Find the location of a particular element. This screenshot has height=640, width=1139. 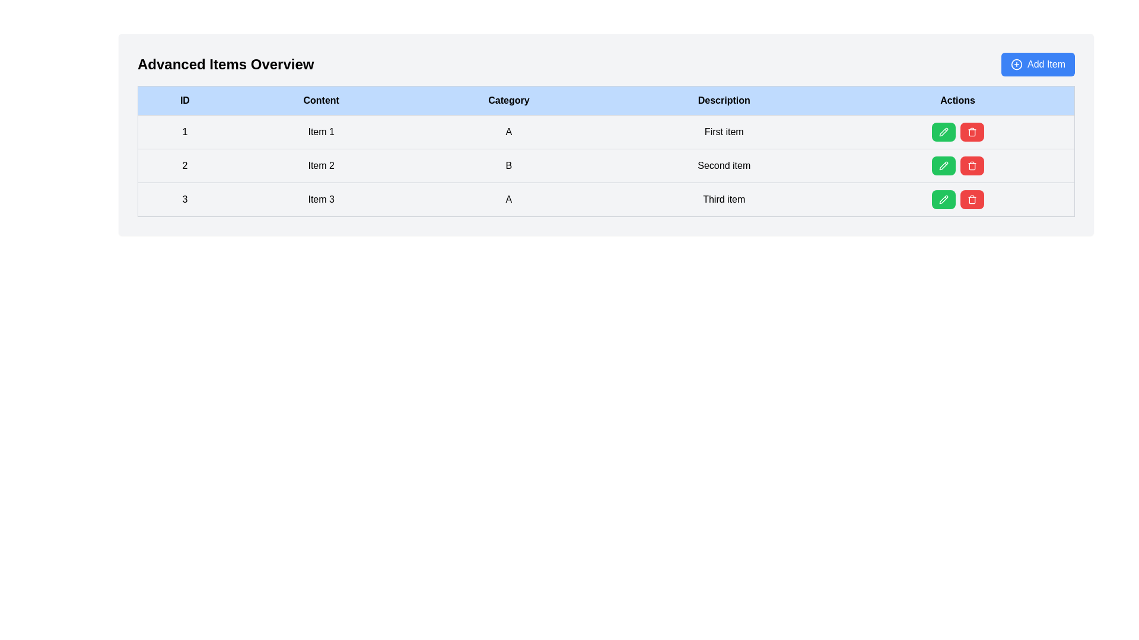

the green edit button in the first row of the table under the 'Actions' column for the item labeled 'First item' to initiate editing is located at coordinates (957, 132).